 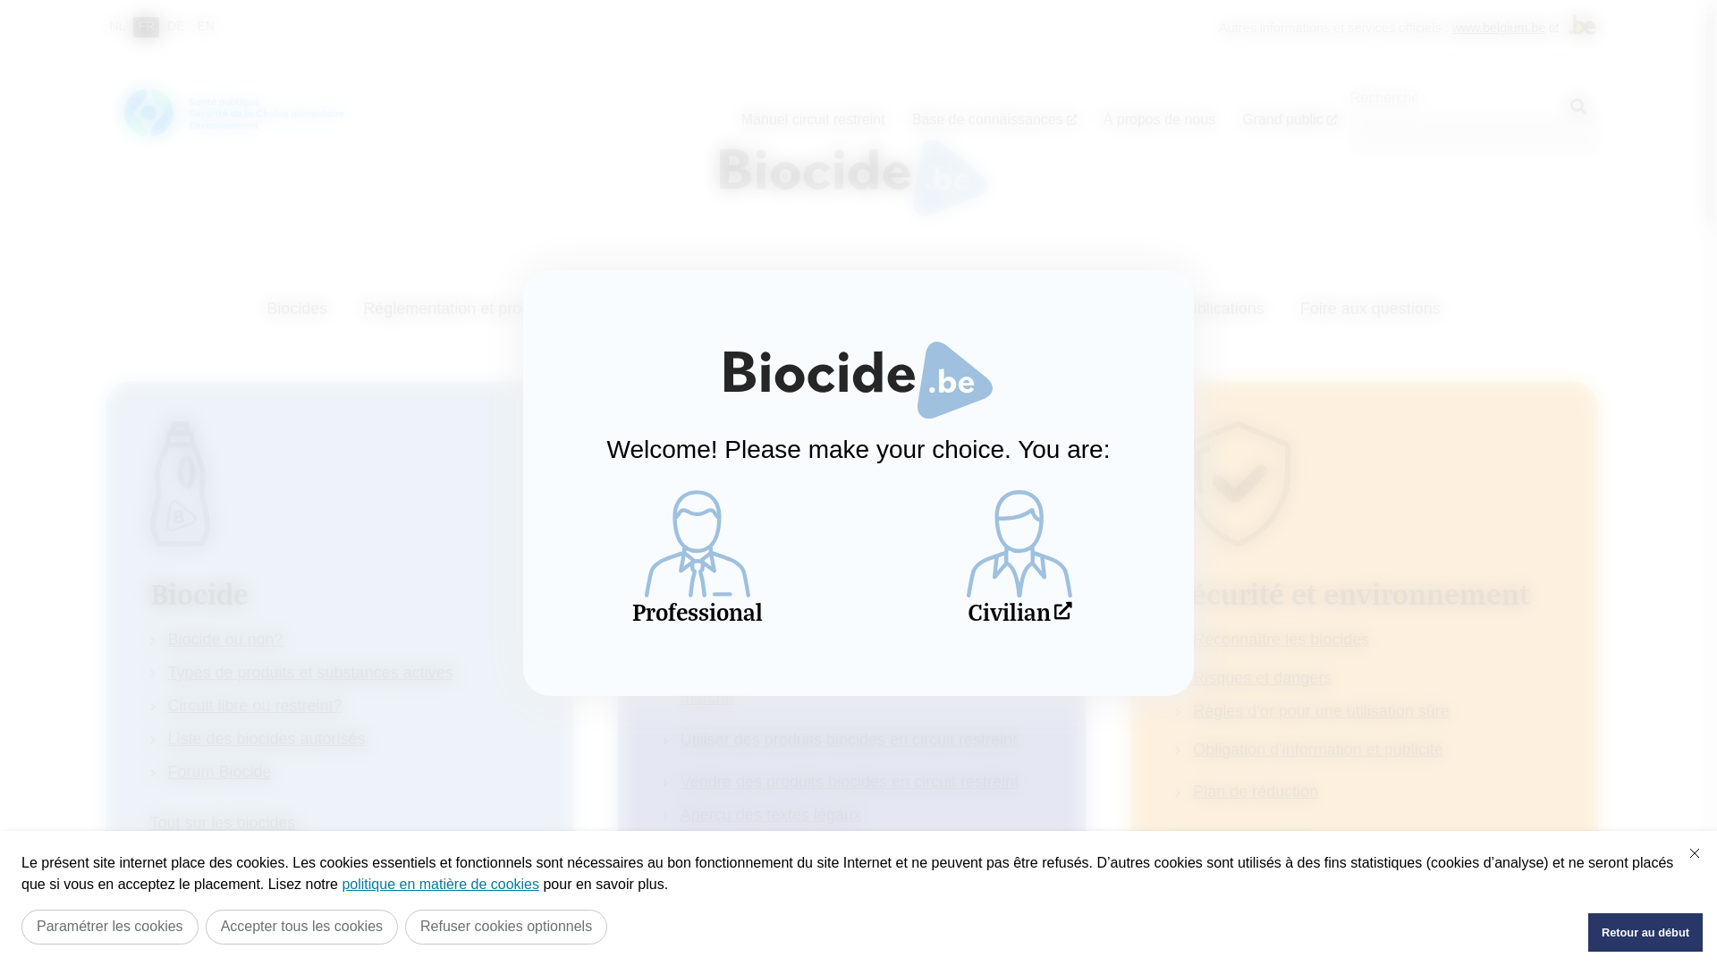 I want to click on 'FR', so click(x=146, y=26).